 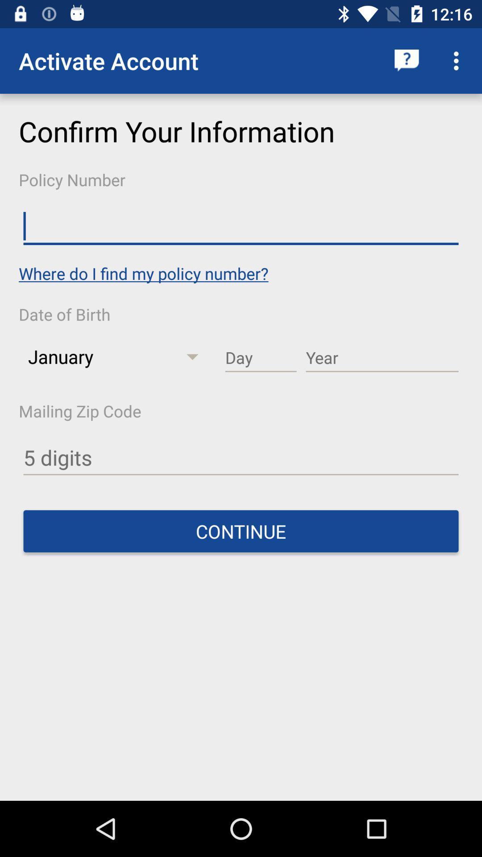 What do you see at coordinates (261, 358) in the screenshot?
I see `day` at bounding box center [261, 358].